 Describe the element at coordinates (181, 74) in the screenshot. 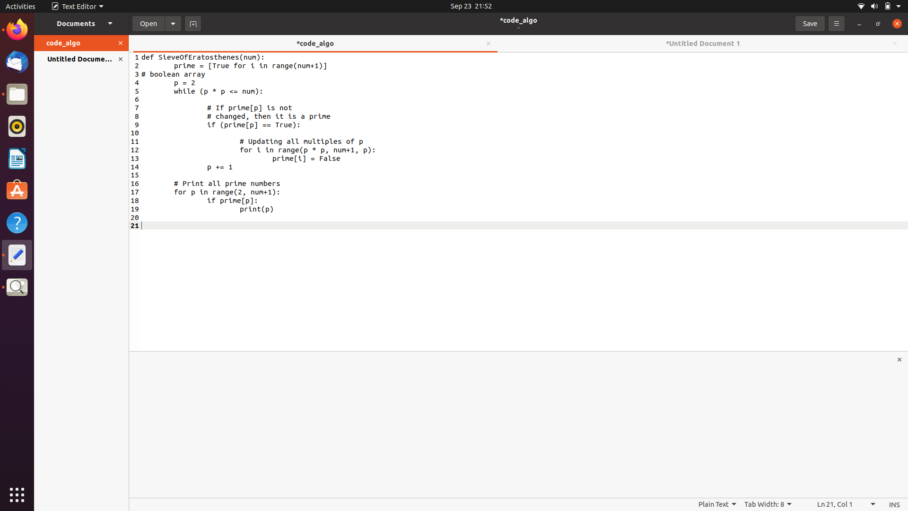

I see `Execute the operation of copying everything from code_algo and pasting it in an untitled file using the shortcuts Ctrl+A for selecting the whole content, Ctrl+C for copying it then Ctrl+V for pasting it` at that location.